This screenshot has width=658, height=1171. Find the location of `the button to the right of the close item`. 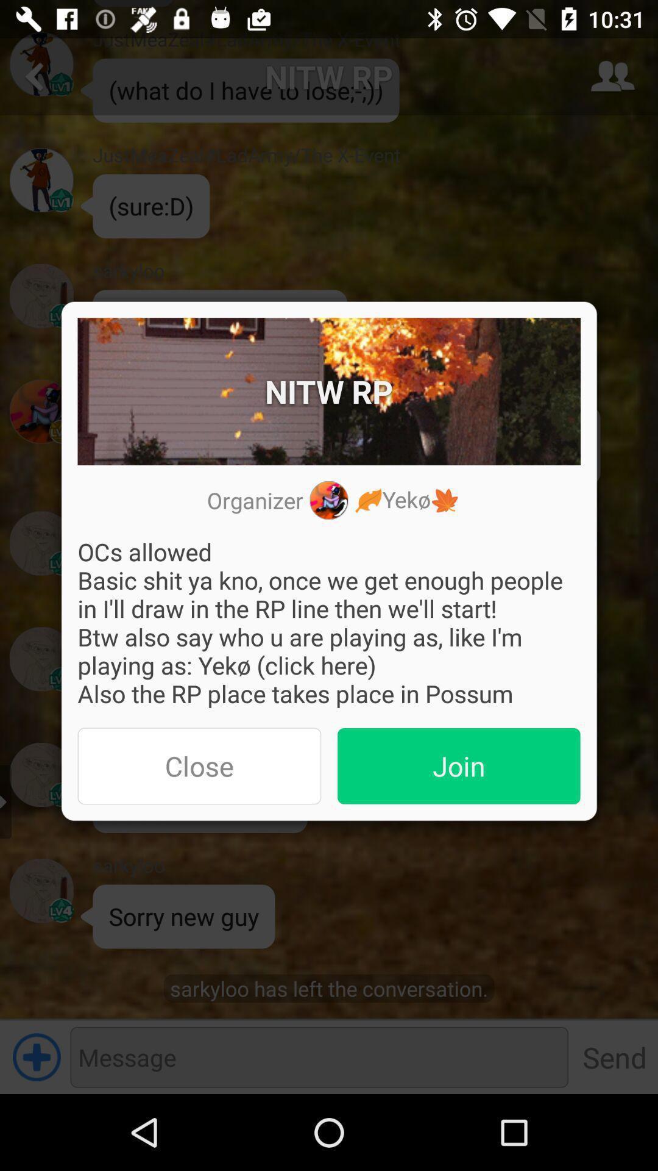

the button to the right of the close item is located at coordinates (459, 765).